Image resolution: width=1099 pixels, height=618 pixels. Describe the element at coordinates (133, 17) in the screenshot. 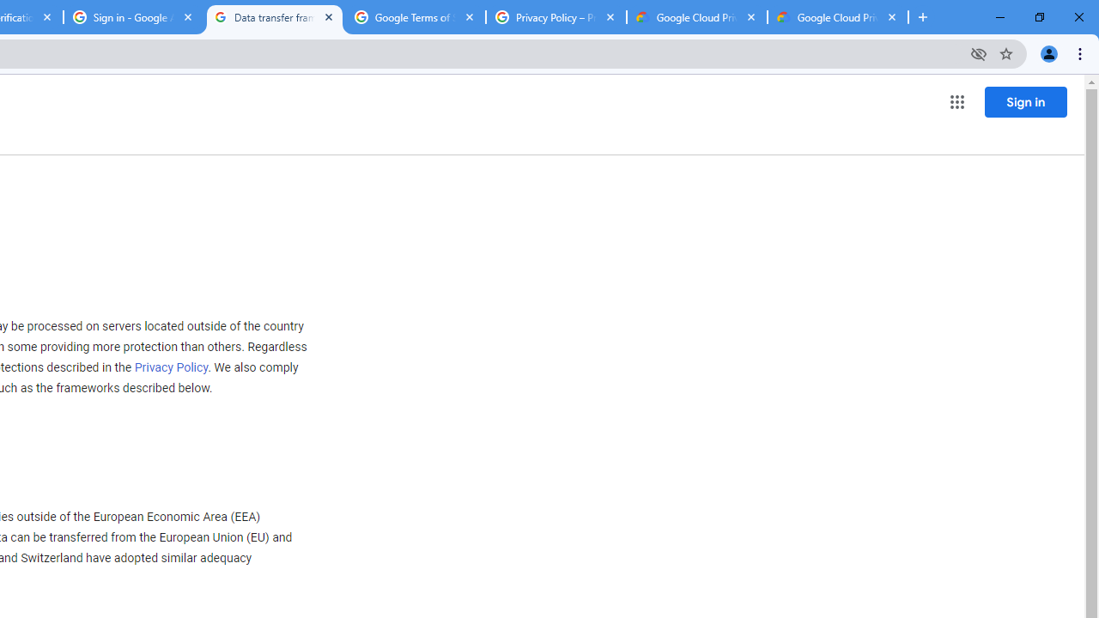

I see `'Sign in - Google Accounts'` at that location.